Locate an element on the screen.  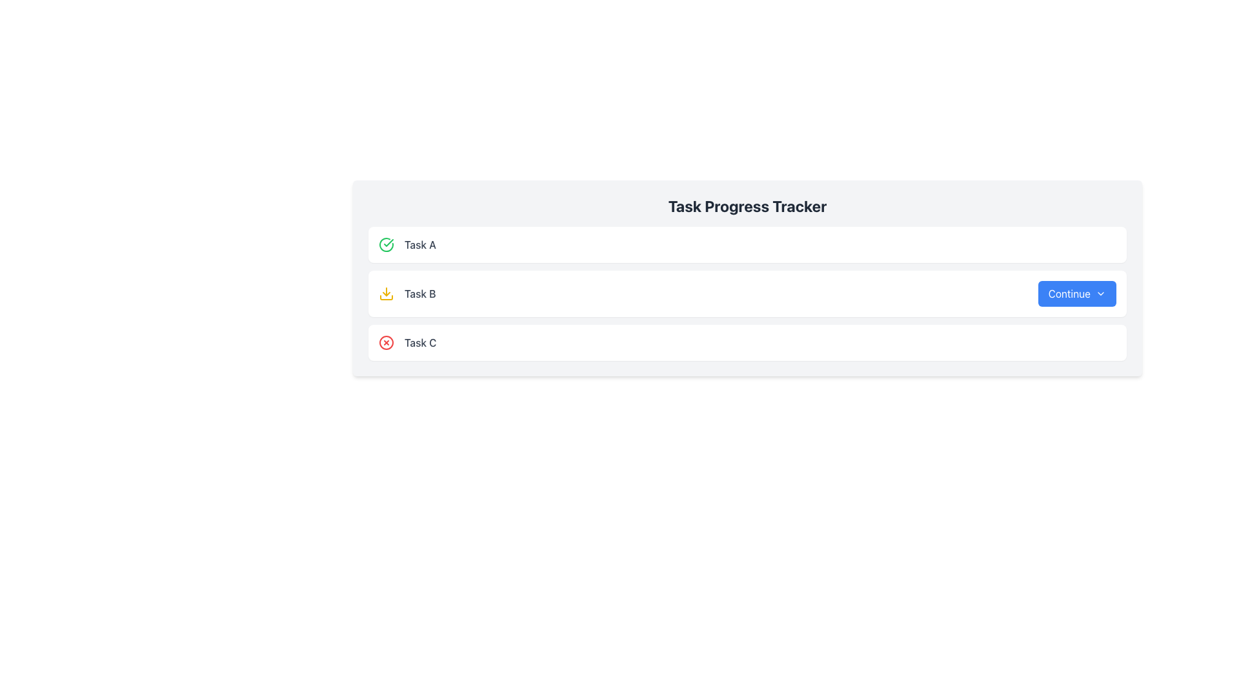
the chevron icon within the 'Continue' button is located at coordinates (1100, 293).